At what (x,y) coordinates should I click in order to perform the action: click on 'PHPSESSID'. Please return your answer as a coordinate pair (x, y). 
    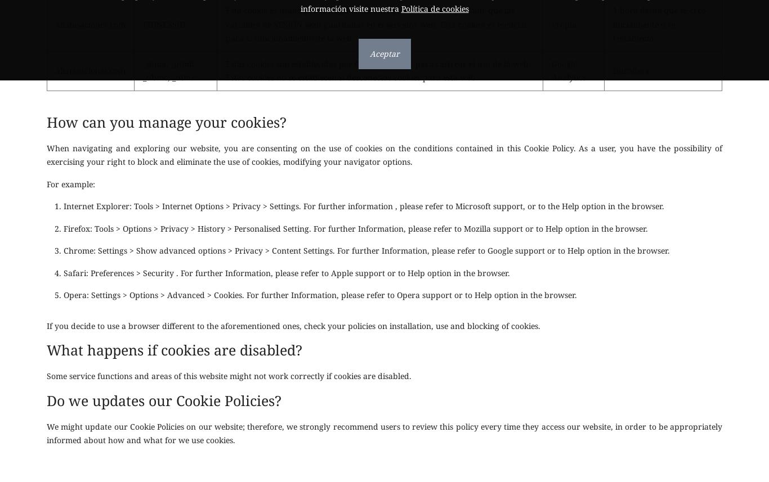
    Looking at the image, I should click on (164, 23).